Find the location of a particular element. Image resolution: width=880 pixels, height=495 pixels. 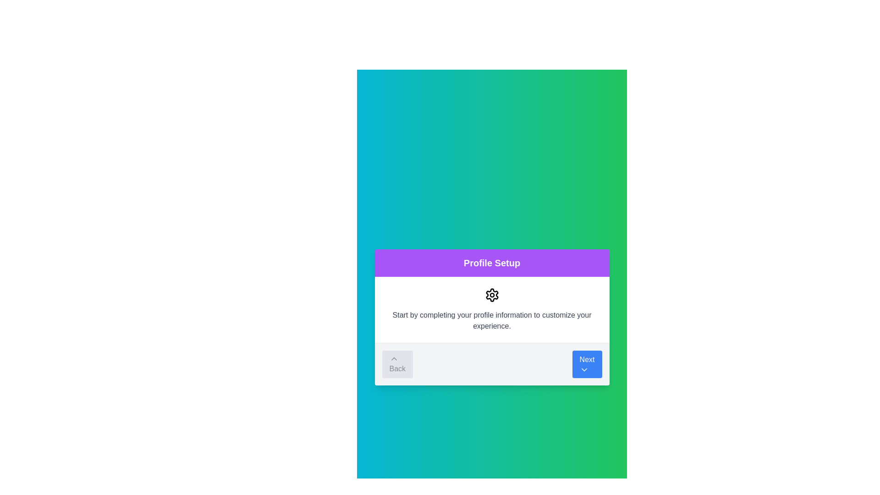

the settings icon located in the 'Profile Setup' modal, which is positioned above the profile information text and below the modal header is located at coordinates (491, 295).